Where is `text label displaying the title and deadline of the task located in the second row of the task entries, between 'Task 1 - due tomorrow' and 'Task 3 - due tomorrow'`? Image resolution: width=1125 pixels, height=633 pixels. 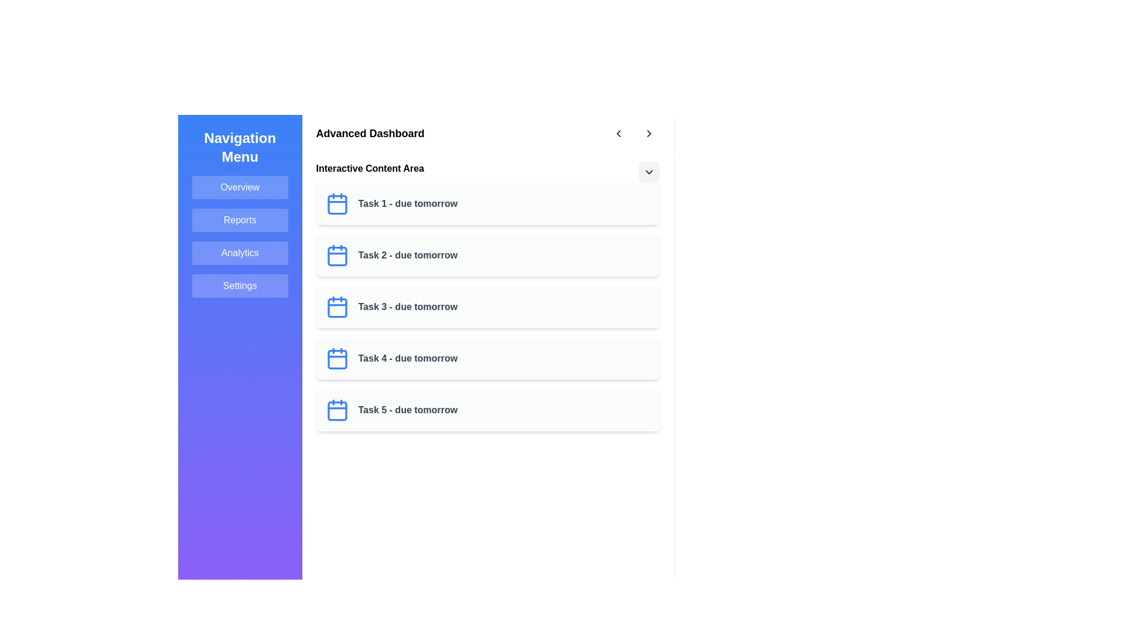
text label displaying the title and deadline of the task located in the second row of the task entries, between 'Task 1 - due tomorrow' and 'Task 3 - due tomorrow' is located at coordinates (408, 254).